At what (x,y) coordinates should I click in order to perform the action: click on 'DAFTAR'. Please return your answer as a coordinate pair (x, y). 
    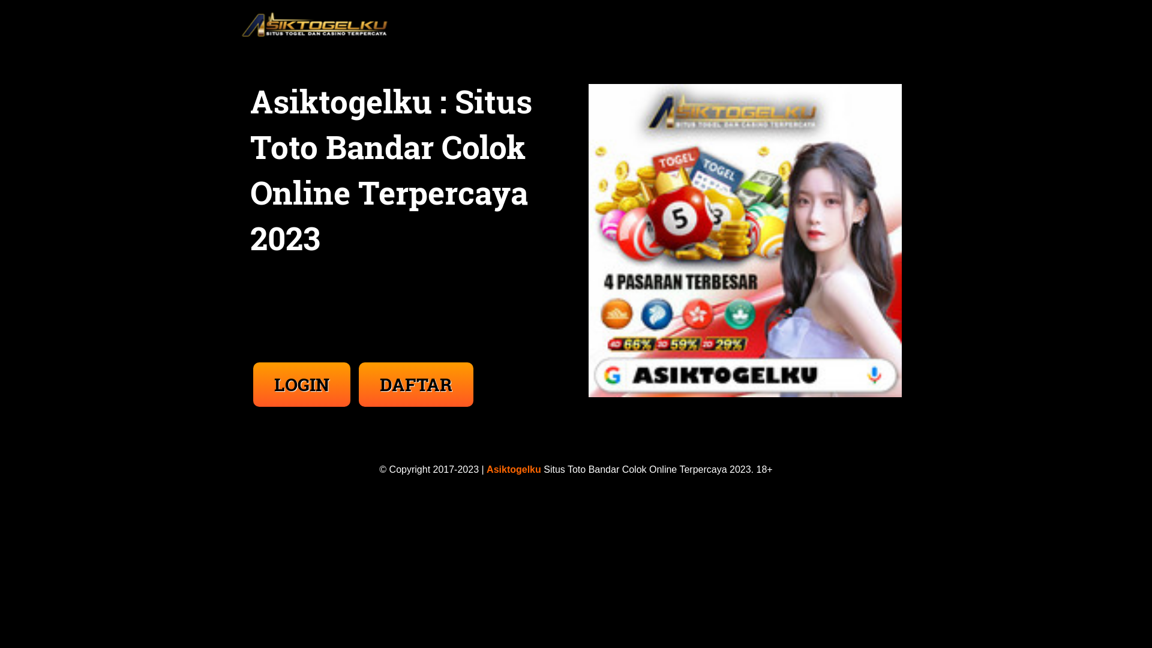
    Looking at the image, I should click on (416, 371).